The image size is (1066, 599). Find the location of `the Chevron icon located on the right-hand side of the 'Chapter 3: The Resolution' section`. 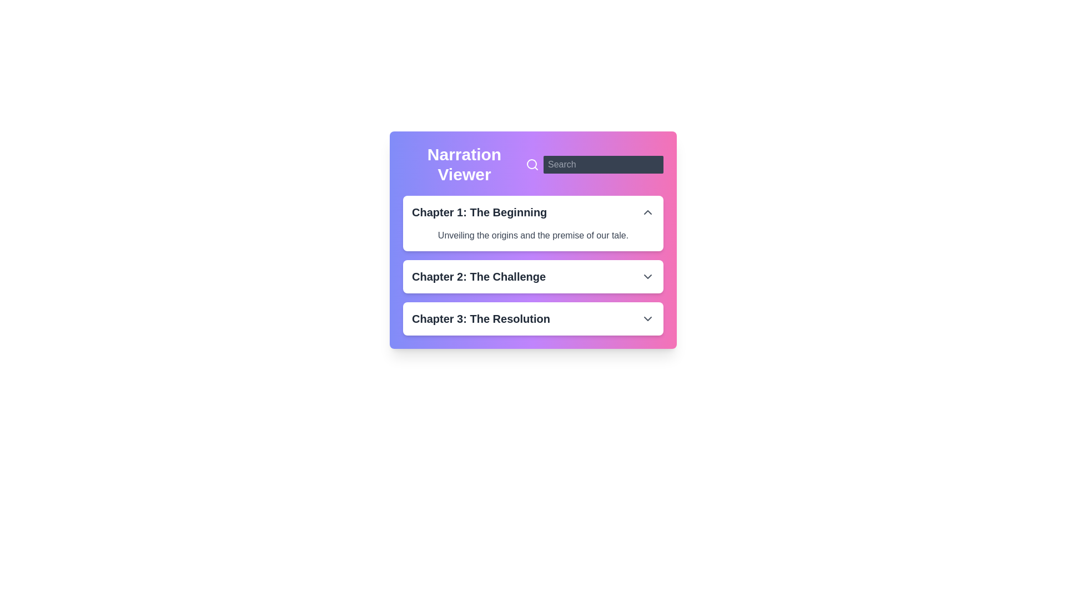

the Chevron icon located on the right-hand side of the 'Chapter 3: The Resolution' section is located at coordinates (647, 318).